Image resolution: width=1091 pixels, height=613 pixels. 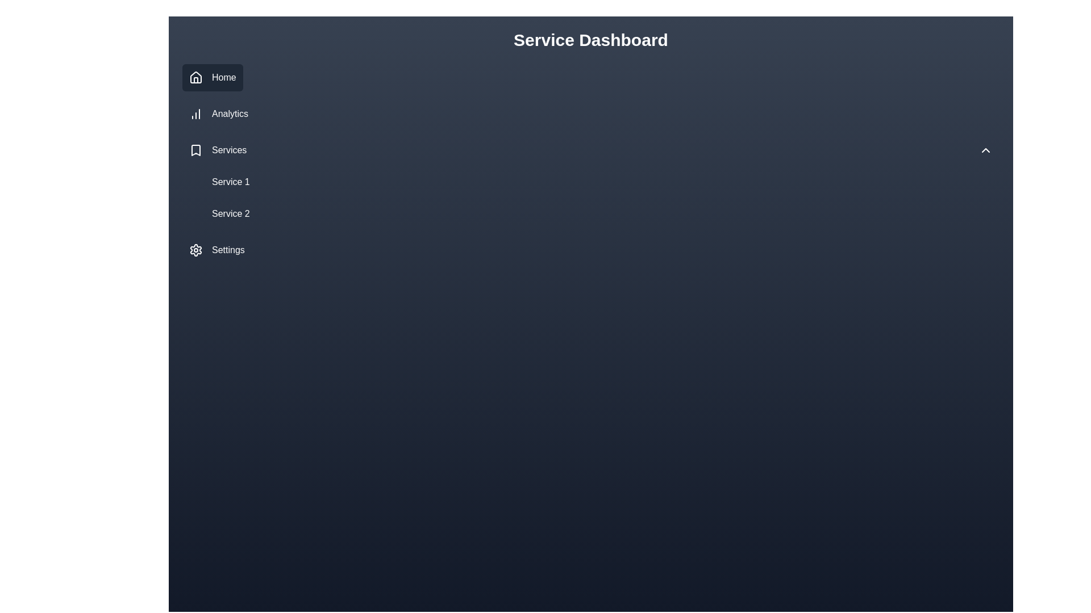 I want to click on the Header Text labeled 'Service Dashboard', which is a bold title centrally positioned at the top of the interface, as it illustrates content context, so click(x=591, y=39).